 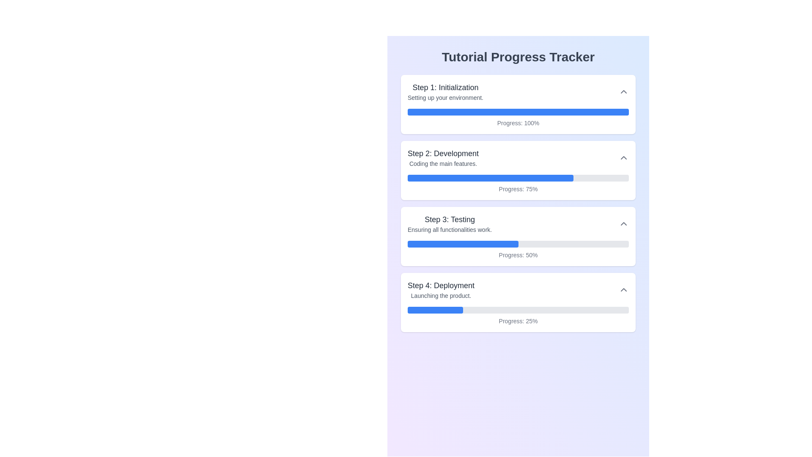 What do you see at coordinates (623, 223) in the screenshot?
I see `the chevron button located at the top-right corner of the 'Step 3: Testing' task card` at bounding box center [623, 223].